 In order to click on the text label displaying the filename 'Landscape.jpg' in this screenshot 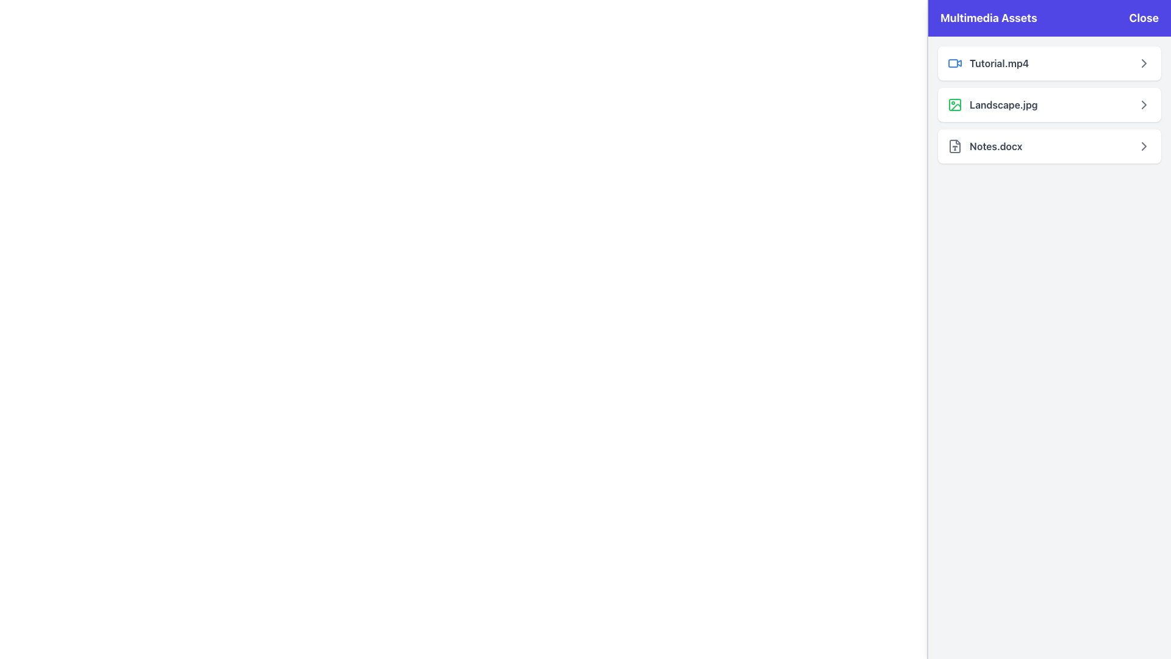, I will do `click(1003, 104)`.